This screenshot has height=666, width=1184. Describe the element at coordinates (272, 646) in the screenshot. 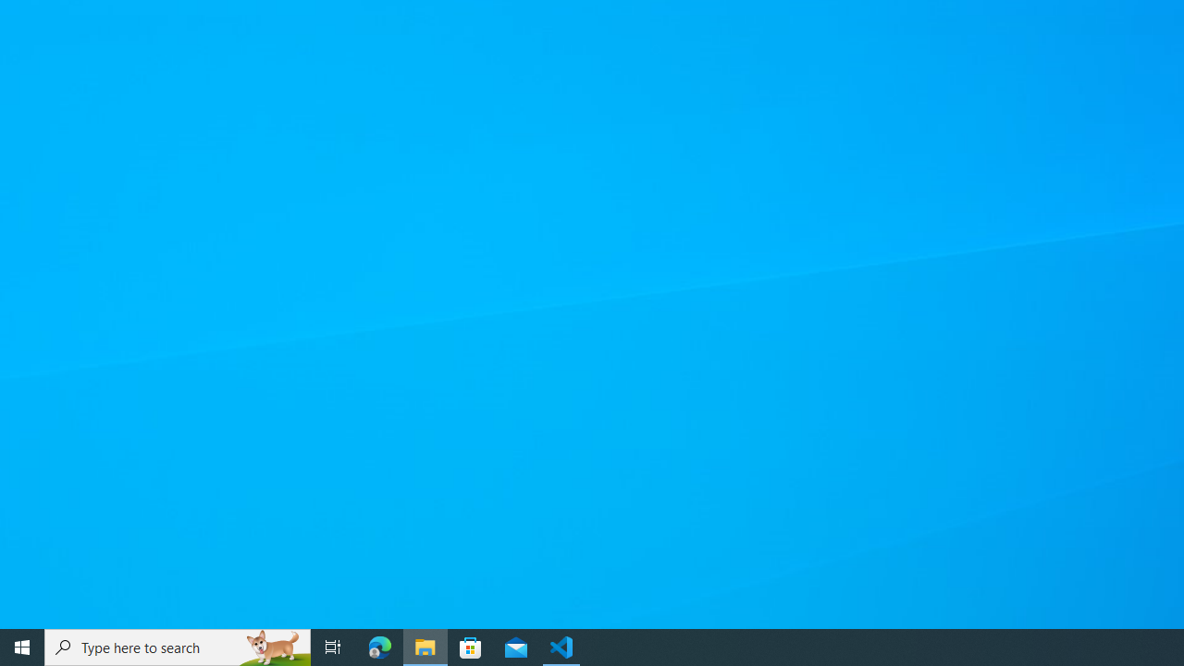

I see `'Search highlights icon opens search home window'` at that location.